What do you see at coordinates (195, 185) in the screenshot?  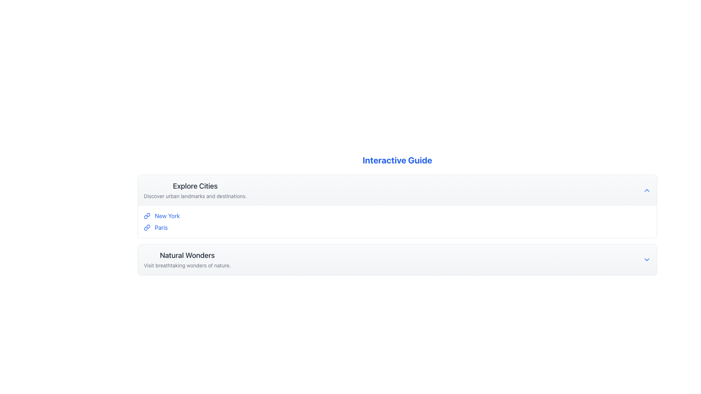 I see `the text label that serves as a header or label describing the content of the associated section, located in the upper part of a rectangular section, specifically in the top-left quadrant of the interface` at bounding box center [195, 185].